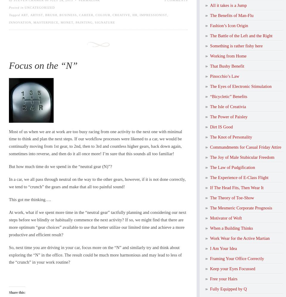 The height and width of the screenshot is (297, 286). Describe the element at coordinates (103, 15) in the screenshot. I see `'colour'` at that location.